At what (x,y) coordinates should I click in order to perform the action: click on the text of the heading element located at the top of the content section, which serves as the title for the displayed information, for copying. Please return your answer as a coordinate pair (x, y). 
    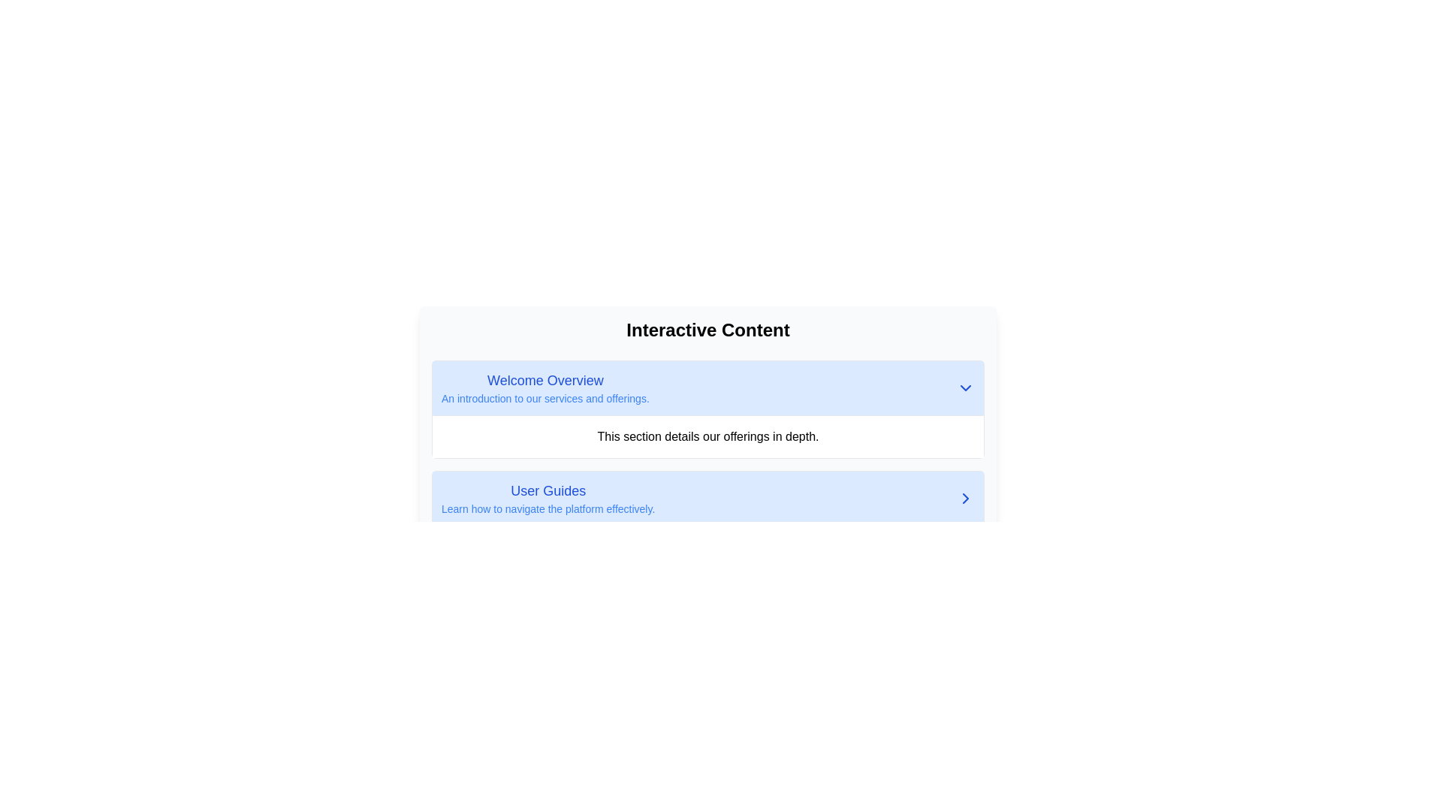
    Looking at the image, I should click on (707, 329).